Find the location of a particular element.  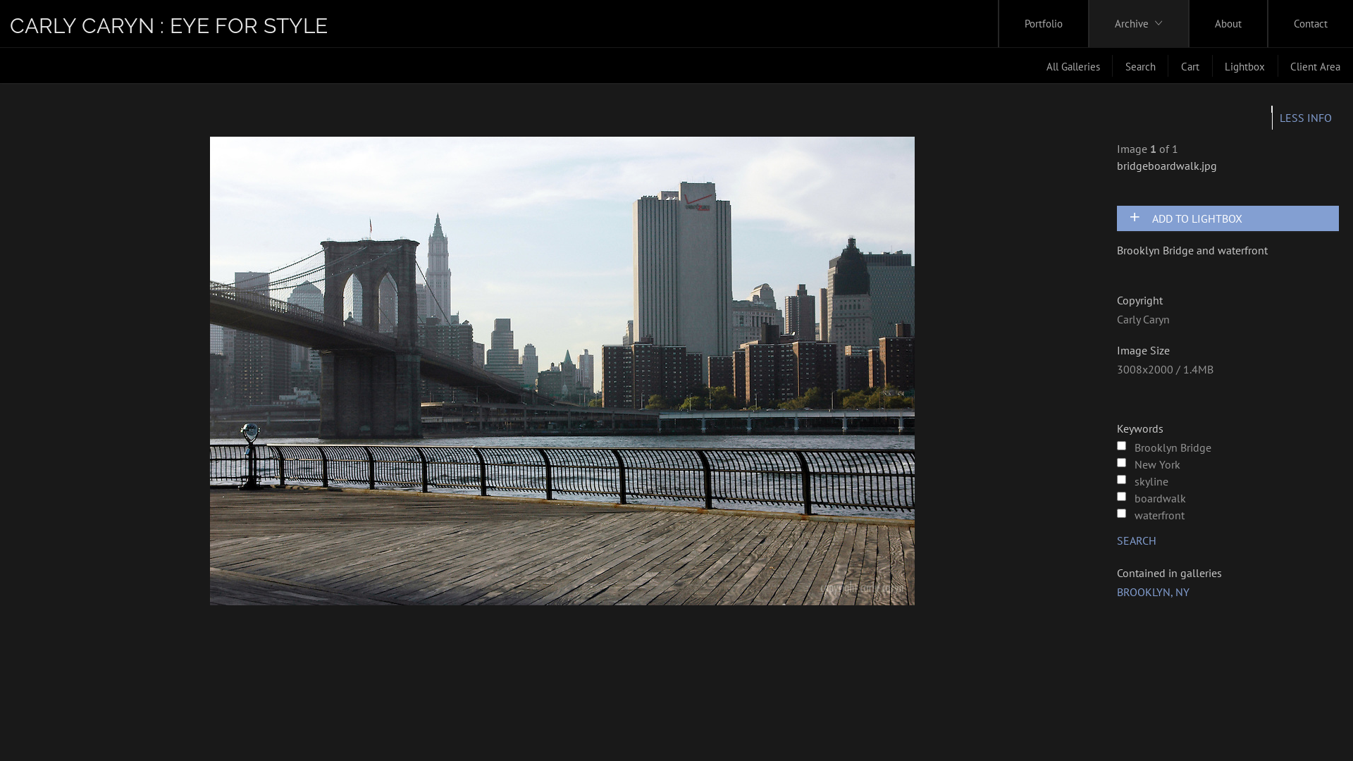

'Portfolio' is located at coordinates (1044, 23).